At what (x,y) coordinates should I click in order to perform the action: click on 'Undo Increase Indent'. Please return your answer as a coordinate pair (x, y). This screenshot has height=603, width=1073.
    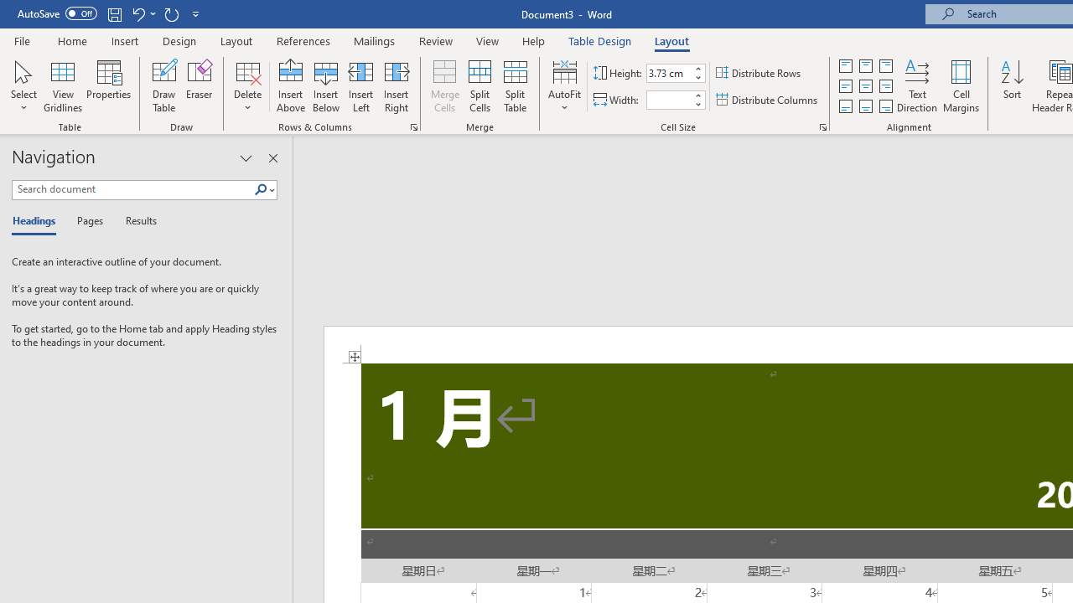
    Looking at the image, I should click on (137, 13).